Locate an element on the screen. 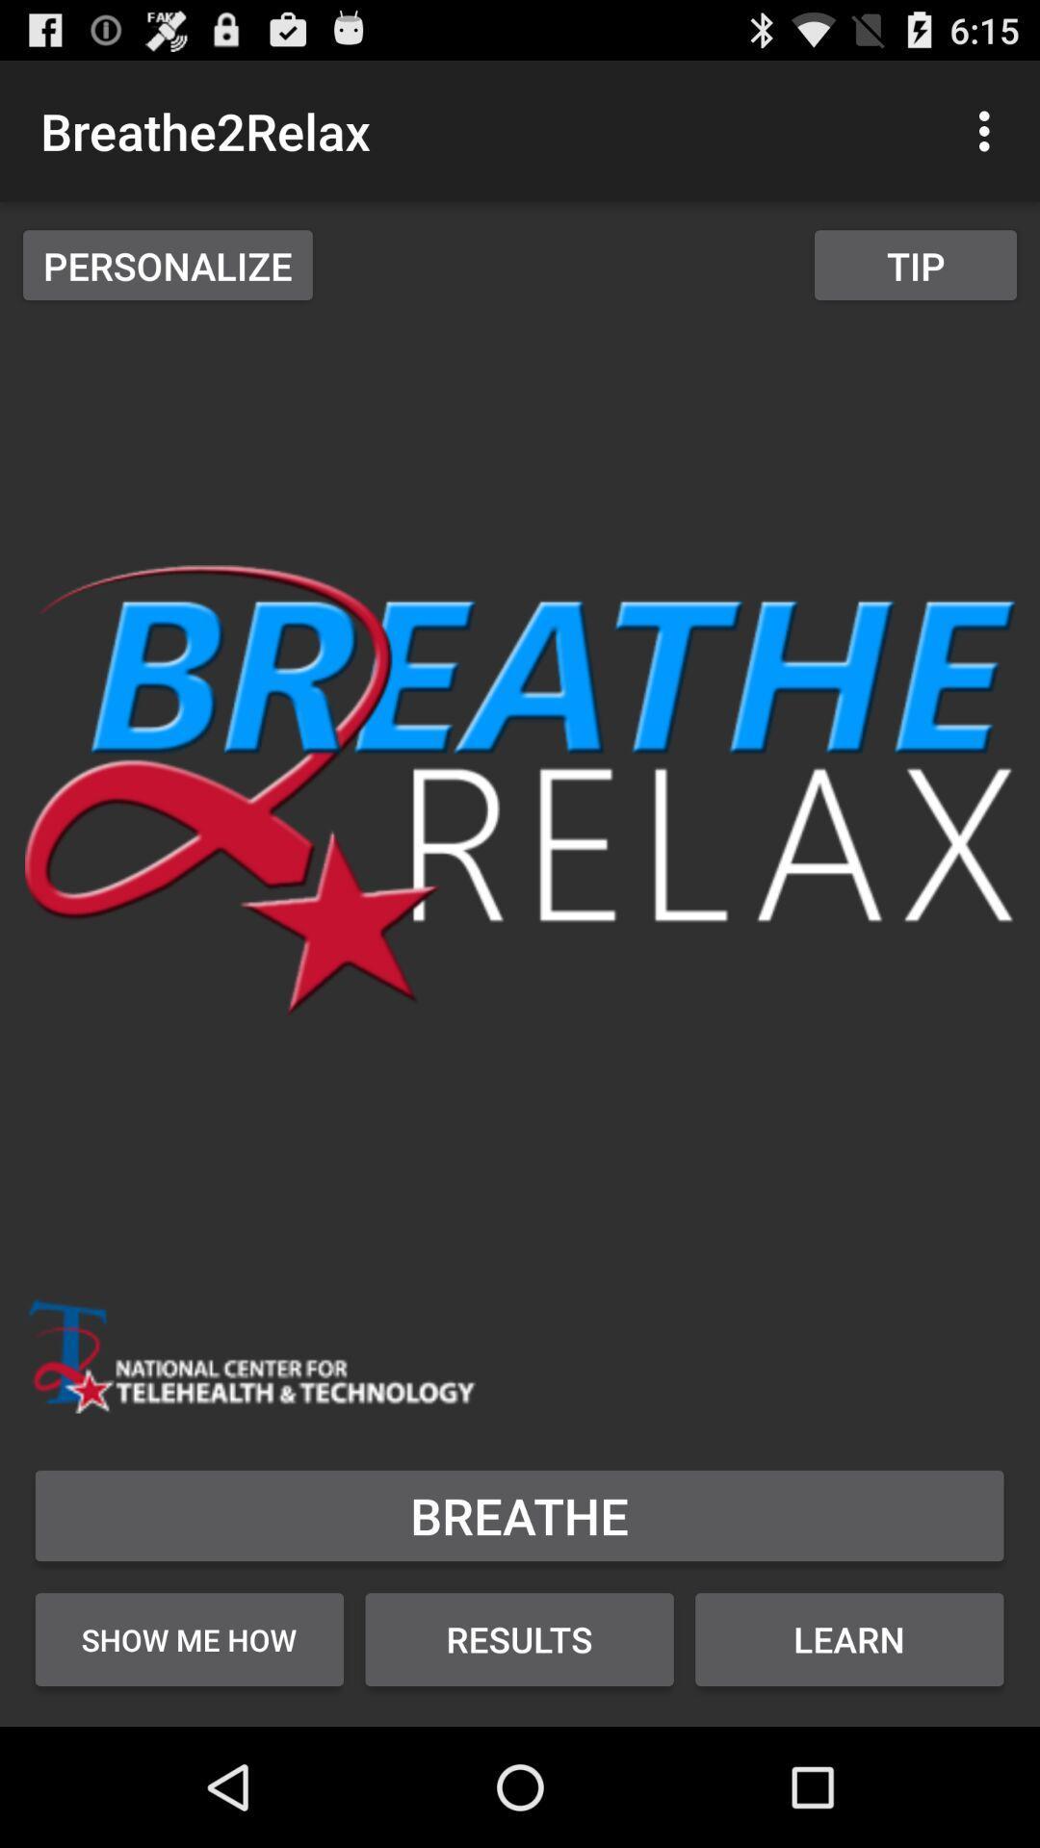 This screenshot has height=1848, width=1040. show me how is located at coordinates (189, 1638).